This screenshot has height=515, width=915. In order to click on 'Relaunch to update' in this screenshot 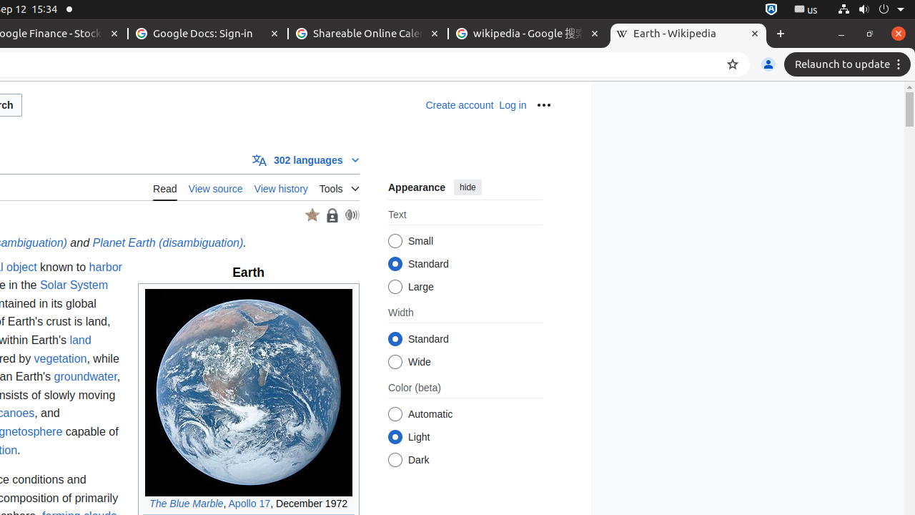, I will do `click(849, 64)`.